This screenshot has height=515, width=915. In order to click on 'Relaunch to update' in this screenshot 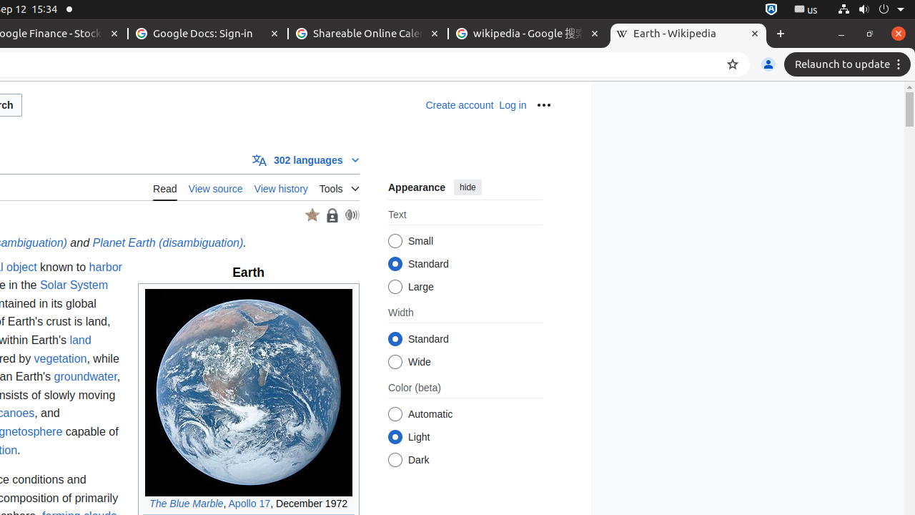, I will do `click(849, 64)`.